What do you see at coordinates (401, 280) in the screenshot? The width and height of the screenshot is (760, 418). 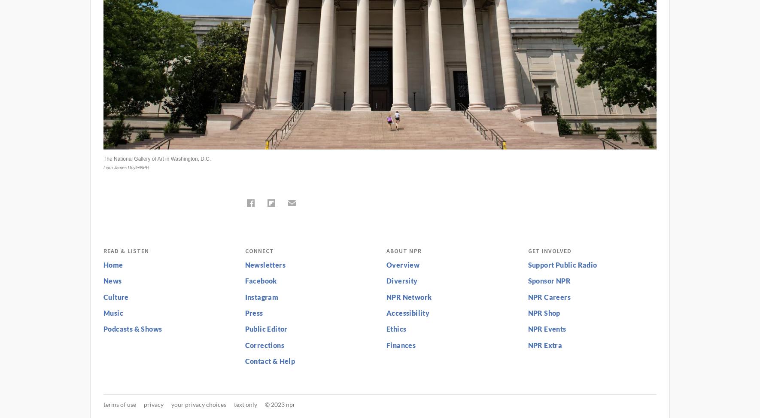 I see `'Diversity'` at bounding box center [401, 280].